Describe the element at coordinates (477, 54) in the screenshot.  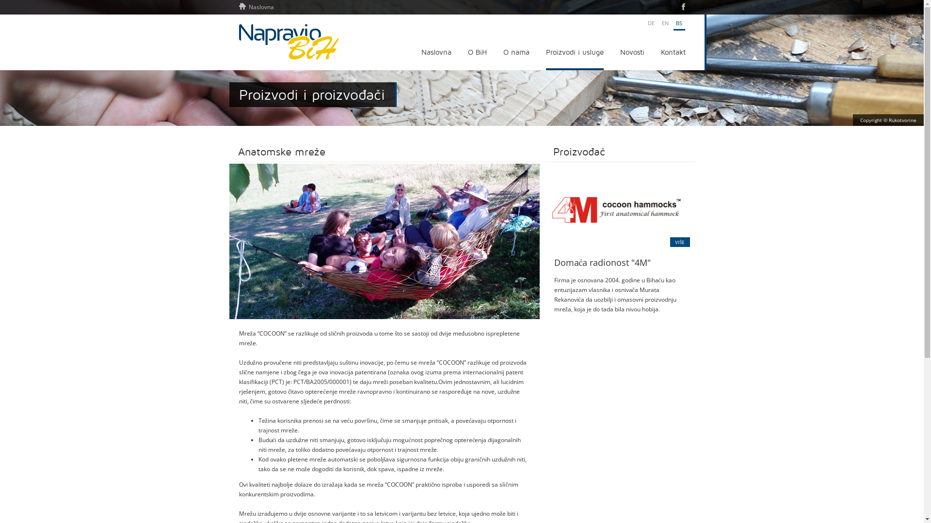
I see `'O BiH'` at that location.